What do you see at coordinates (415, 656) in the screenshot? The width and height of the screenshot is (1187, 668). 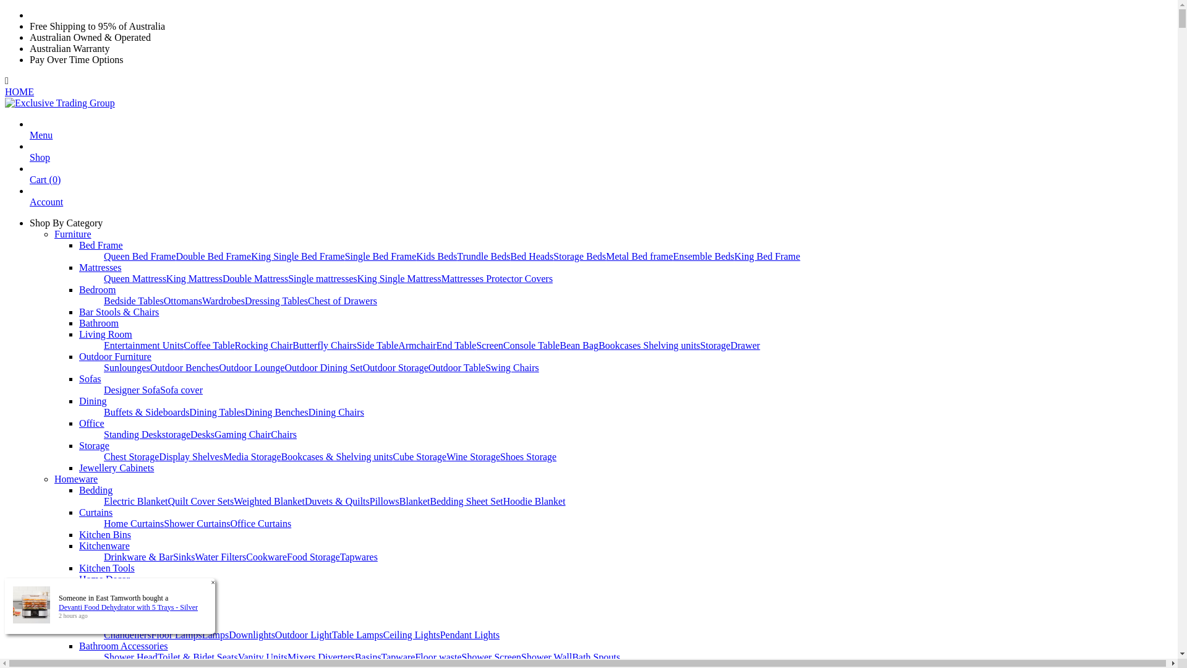 I see `'Floor waste'` at bounding box center [415, 656].